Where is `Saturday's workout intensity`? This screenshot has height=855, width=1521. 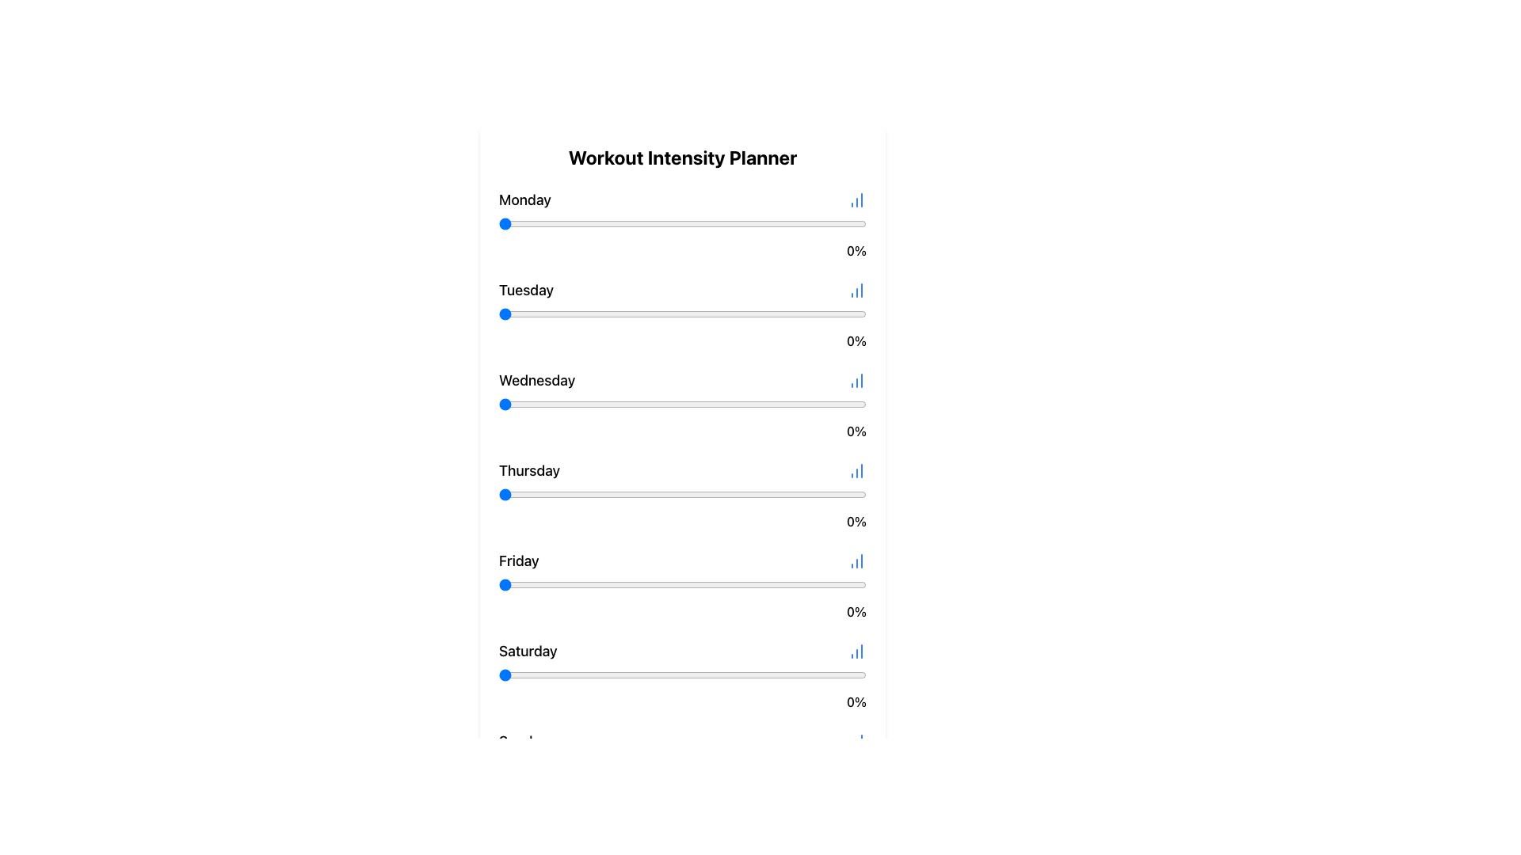 Saturday's workout intensity is located at coordinates (862, 674).